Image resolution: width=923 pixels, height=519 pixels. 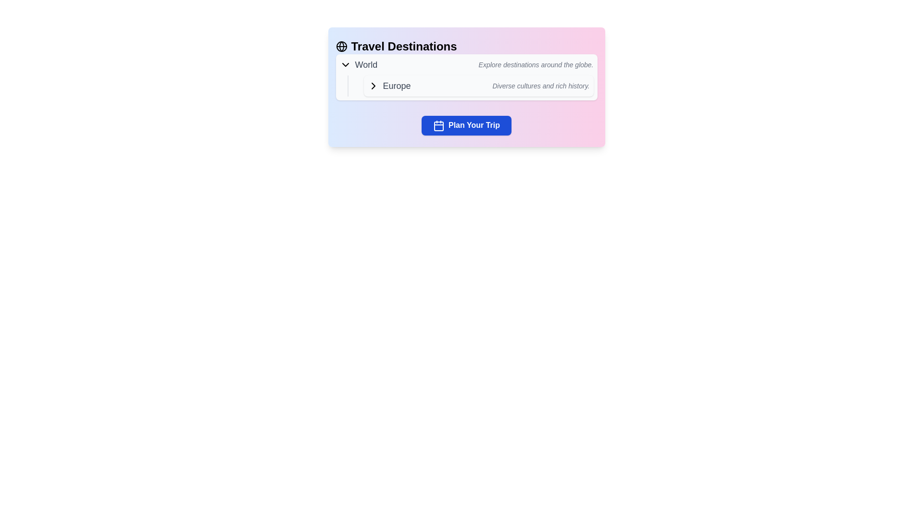 I want to click on the global travel icon located at the top-left corner of the widget, next to the text 'Travel Destinations.', so click(x=341, y=46).